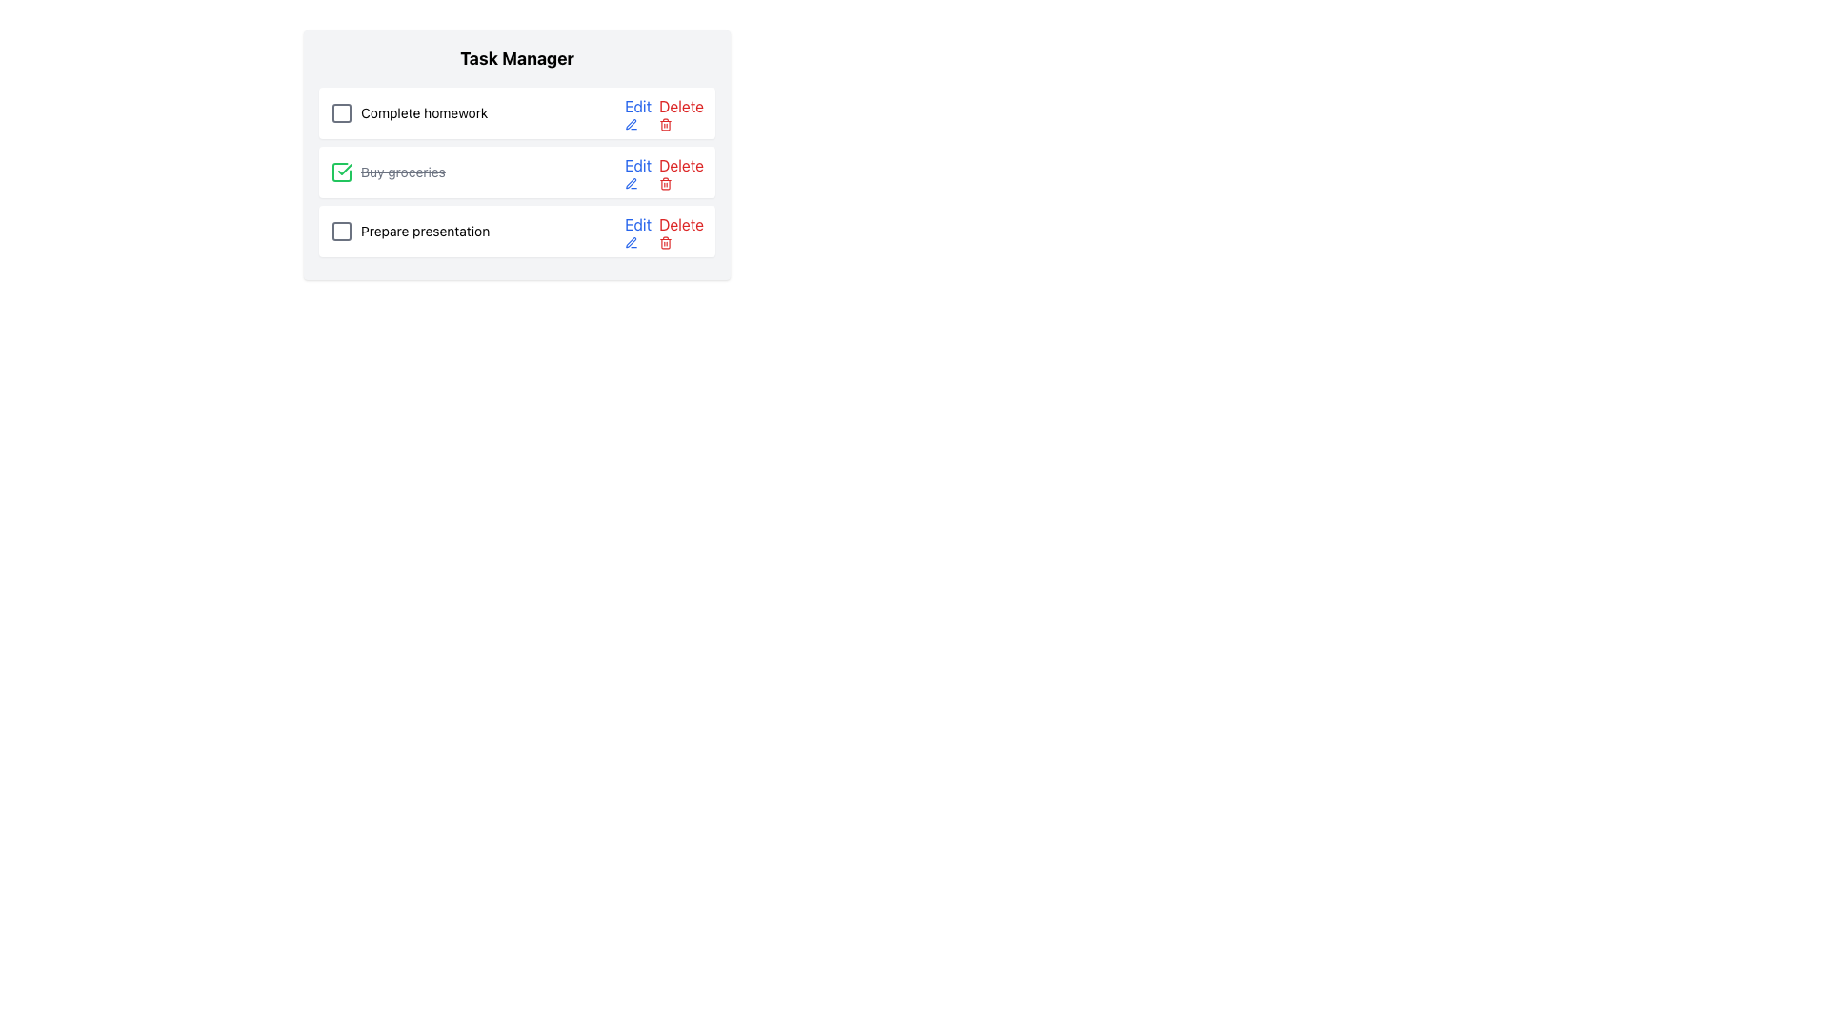 This screenshot has width=1829, height=1029. I want to click on the checkbox located to the left of the task description 'Complete homework.', so click(342, 113).